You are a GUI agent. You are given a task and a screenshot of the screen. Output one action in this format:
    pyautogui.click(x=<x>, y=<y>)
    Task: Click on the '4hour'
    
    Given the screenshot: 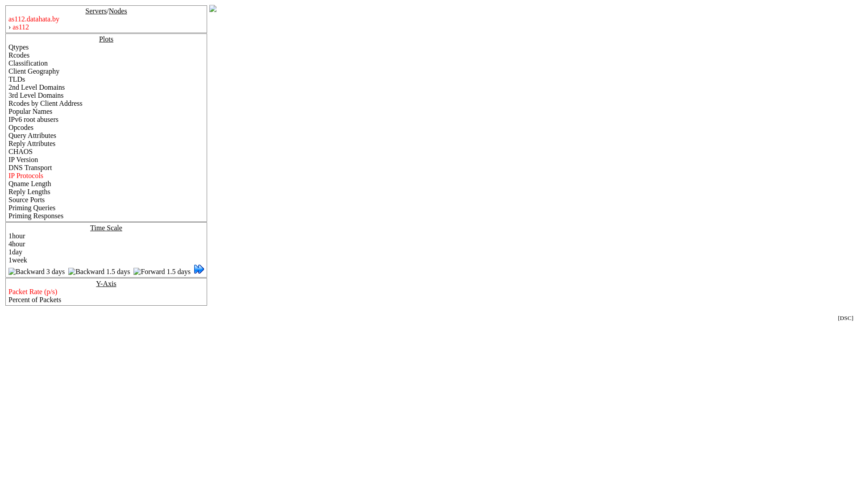 What is the action you would take?
    pyautogui.click(x=8, y=244)
    